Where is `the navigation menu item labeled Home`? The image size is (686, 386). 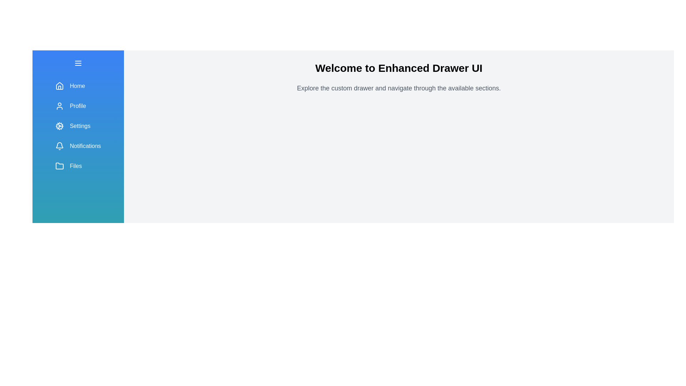 the navigation menu item labeled Home is located at coordinates (78, 85).